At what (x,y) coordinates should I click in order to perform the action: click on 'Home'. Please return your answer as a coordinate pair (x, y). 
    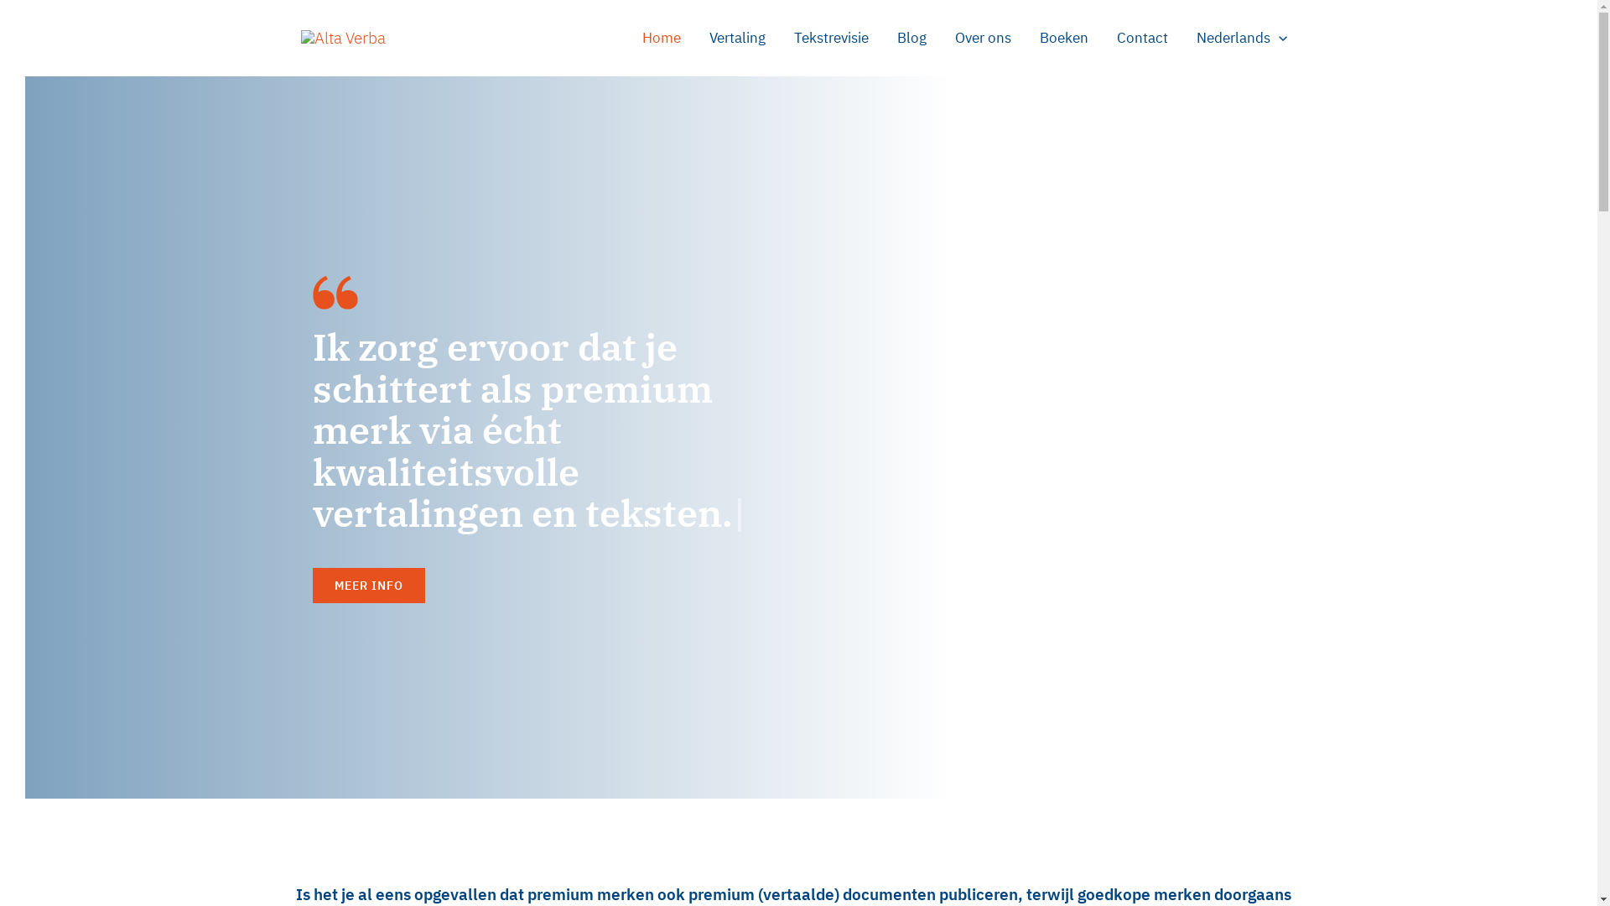
    Looking at the image, I should click on (660, 38).